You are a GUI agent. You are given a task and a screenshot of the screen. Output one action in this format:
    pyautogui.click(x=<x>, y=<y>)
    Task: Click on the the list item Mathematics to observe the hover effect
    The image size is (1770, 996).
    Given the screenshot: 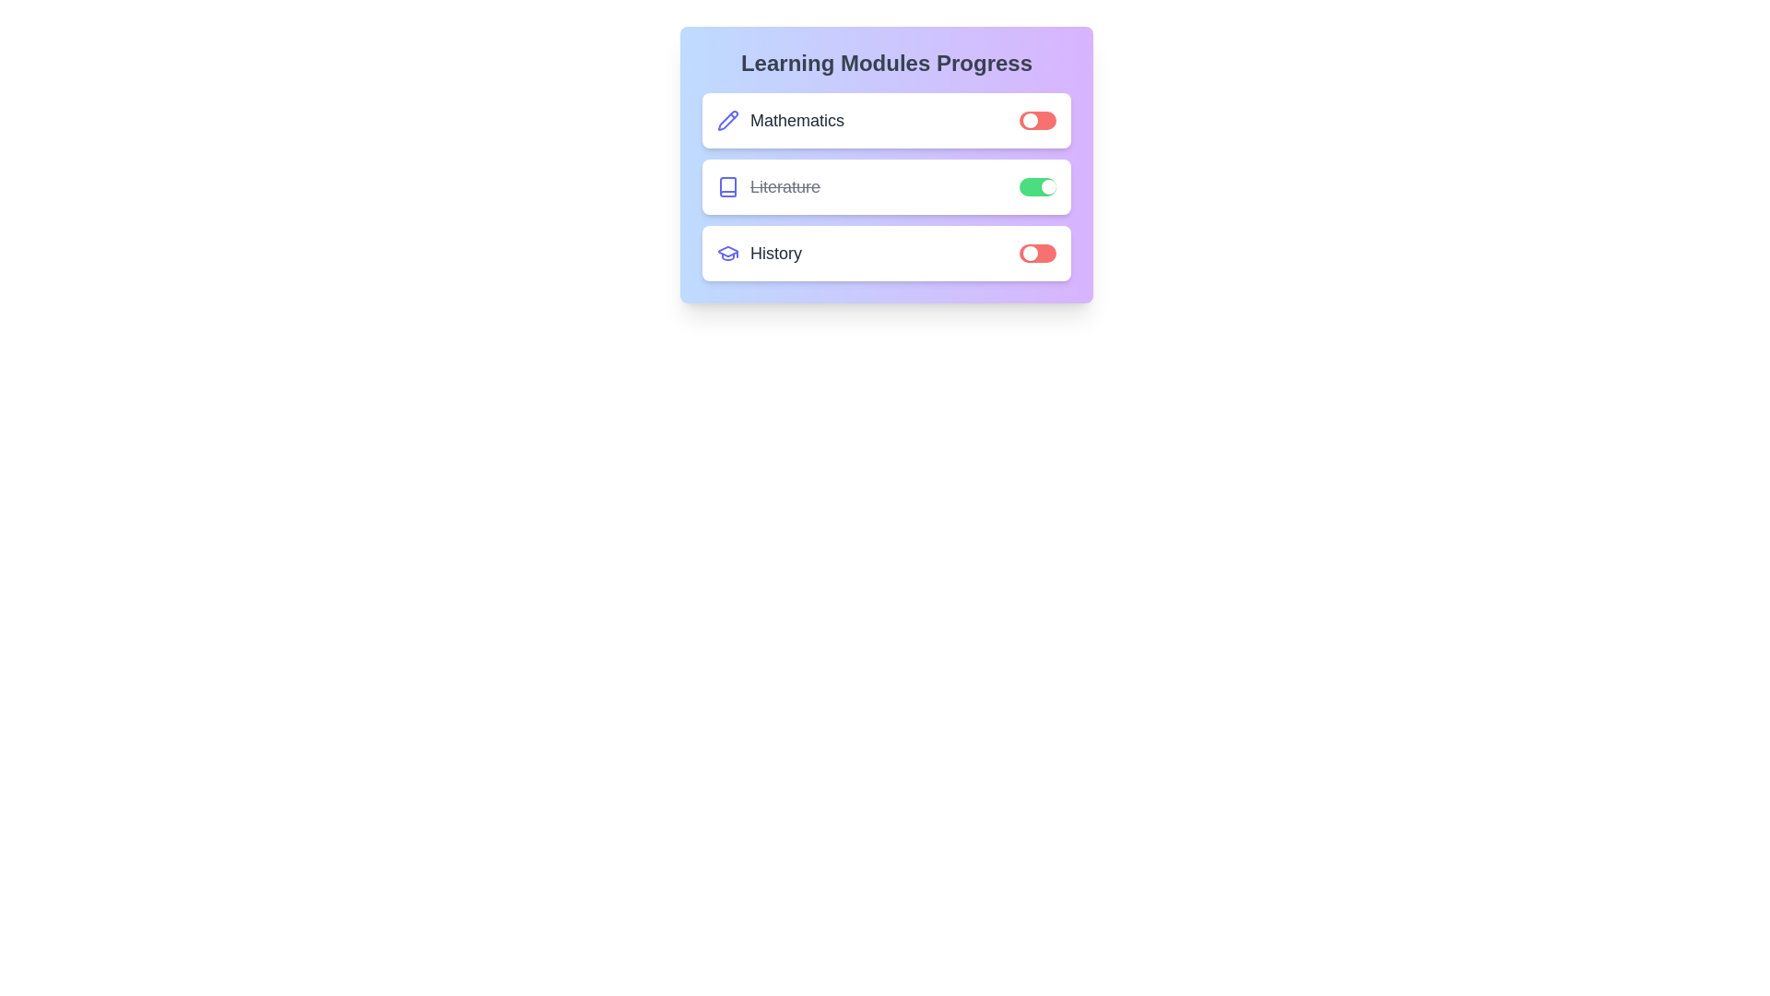 What is the action you would take?
    pyautogui.click(x=886, y=121)
    